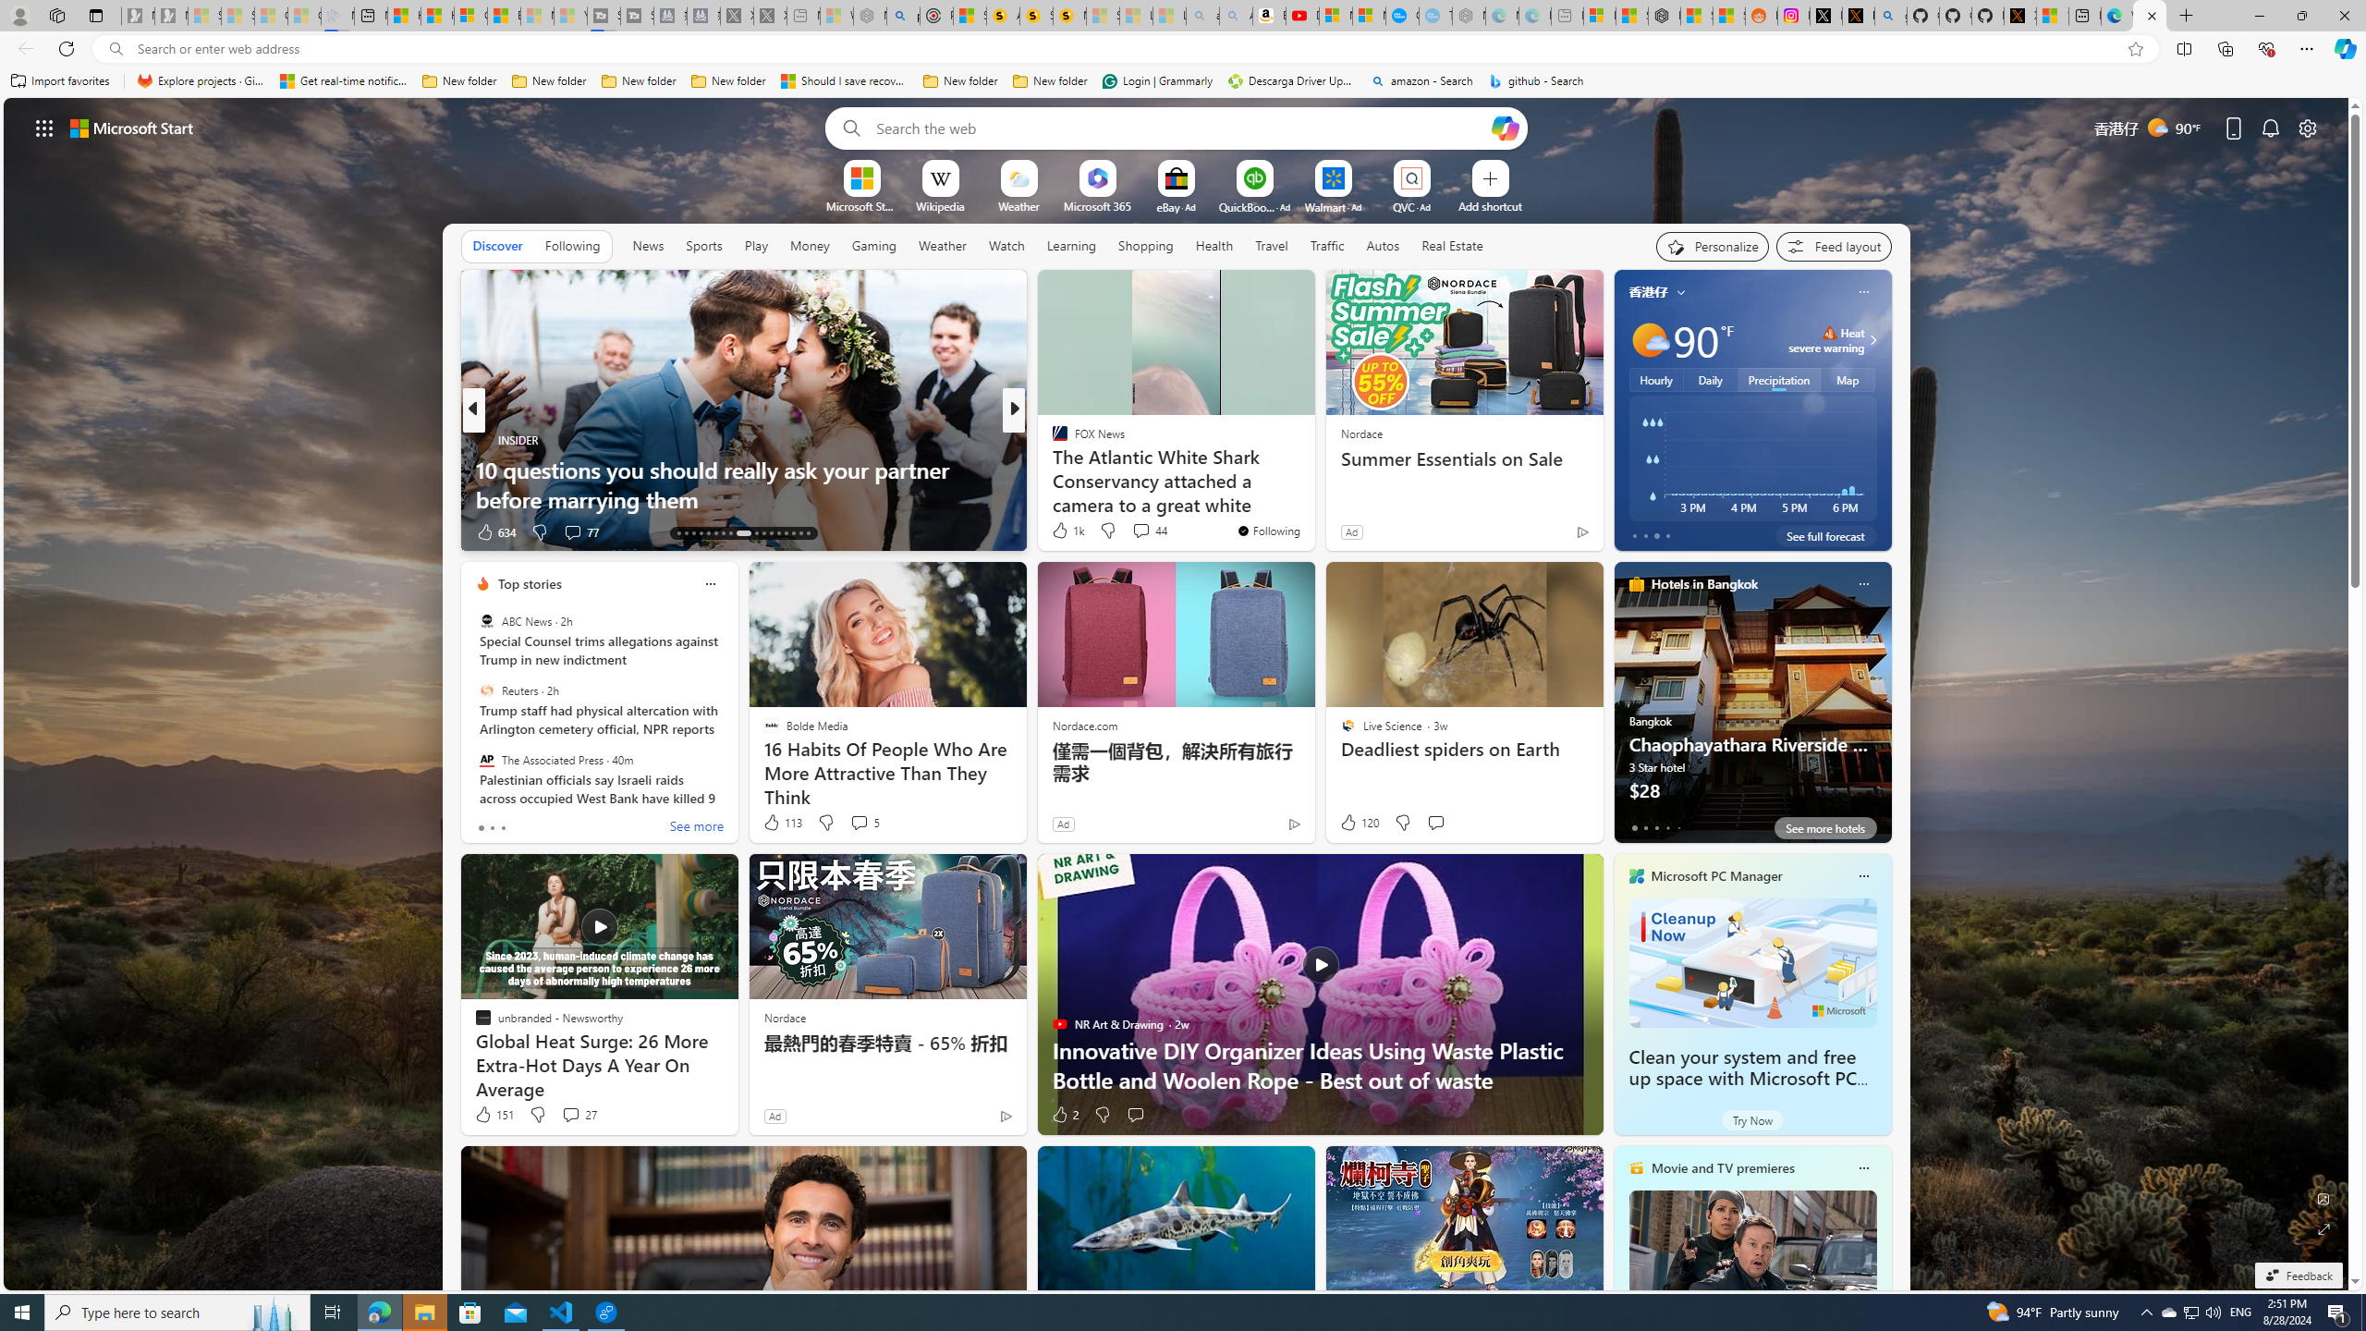 This screenshot has height=1331, width=2366. Describe the element at coordinates (482, 438) in the screenshot. I see `'INSIDER'` at that location.